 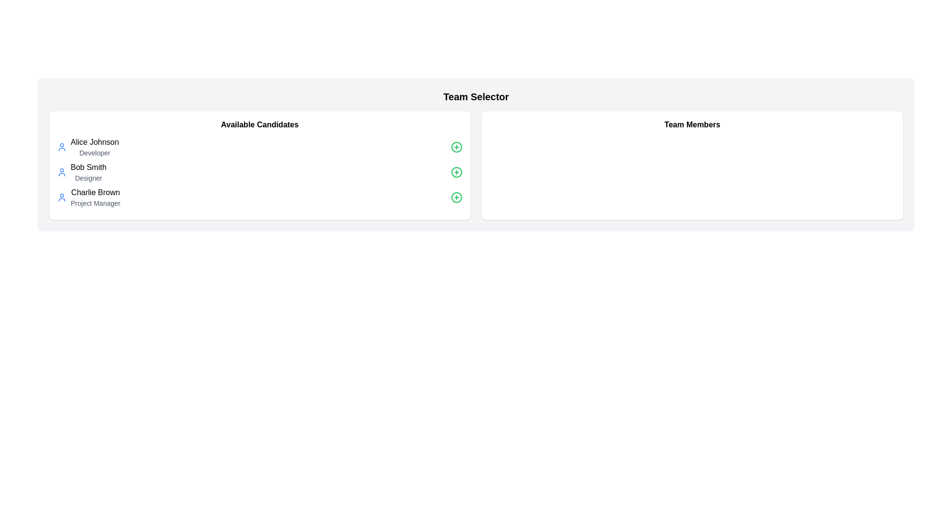 What do you see at coordinates (88, 171) in the screenshot?
I see `the text display showing 'Bob Smith' and 'Designer' in the 'Available Candidates' section, which is the second entry below 'Alice Johnson - Developer'` at bounding box center [88, 171].